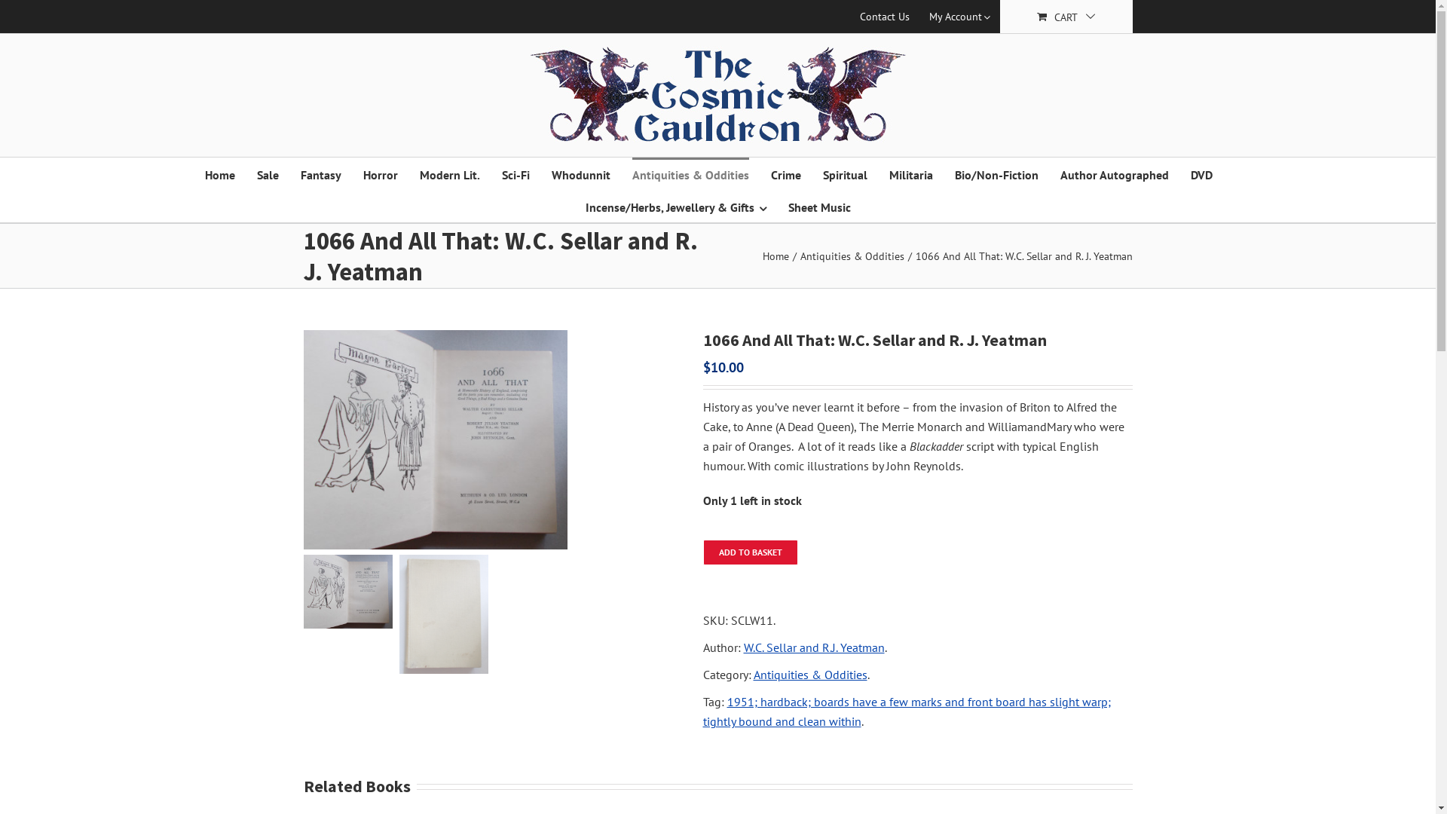 Image resolution: width=1447 pixels, height=814 pixels. I want to click on 'DVD', so click(1201, 173).